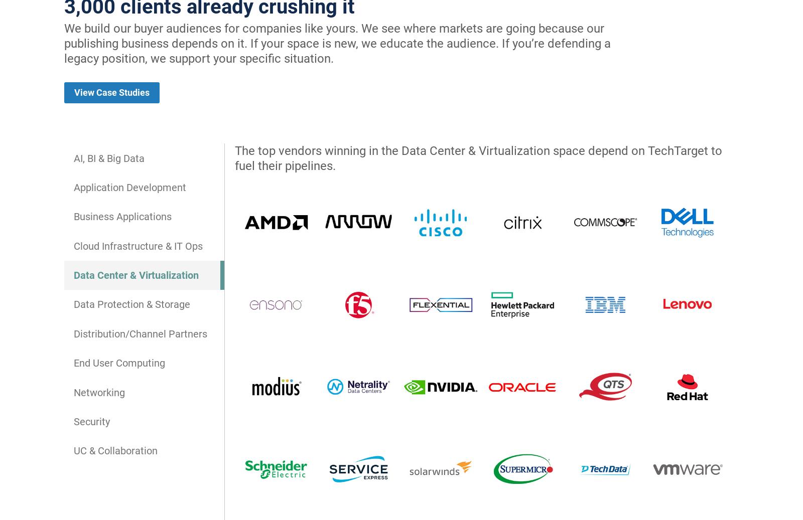 This screenshot has width=803, height=520. I want to click on 'We build our buyer audiences for companies like yours. We see where markets are going because our publishing business depends on it. If your space is new, we educate the audience. If you’re defending a legacy position, we support your specific situation.', so click(64, 43).